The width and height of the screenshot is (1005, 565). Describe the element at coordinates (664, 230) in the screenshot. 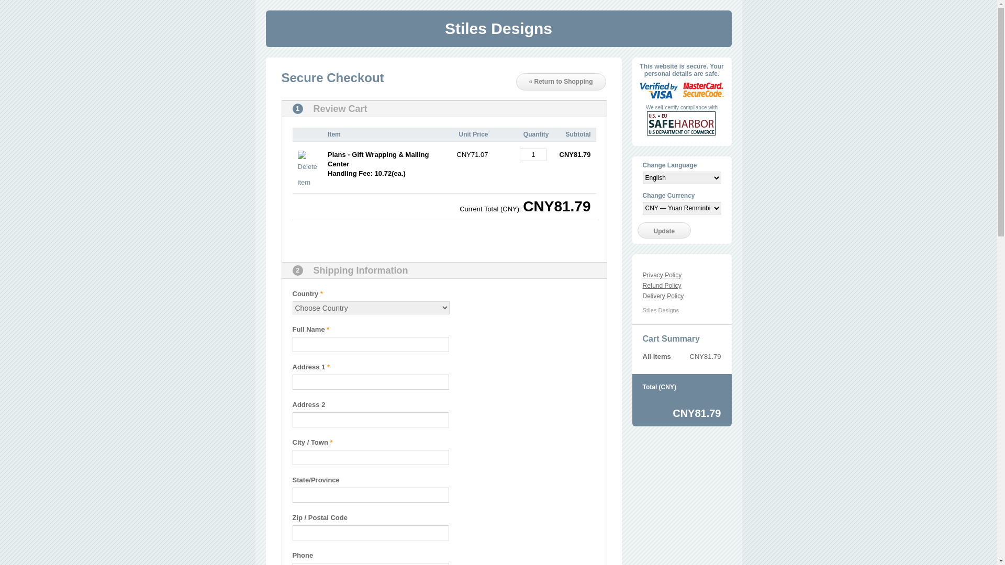

I see `'Update'` at that location.